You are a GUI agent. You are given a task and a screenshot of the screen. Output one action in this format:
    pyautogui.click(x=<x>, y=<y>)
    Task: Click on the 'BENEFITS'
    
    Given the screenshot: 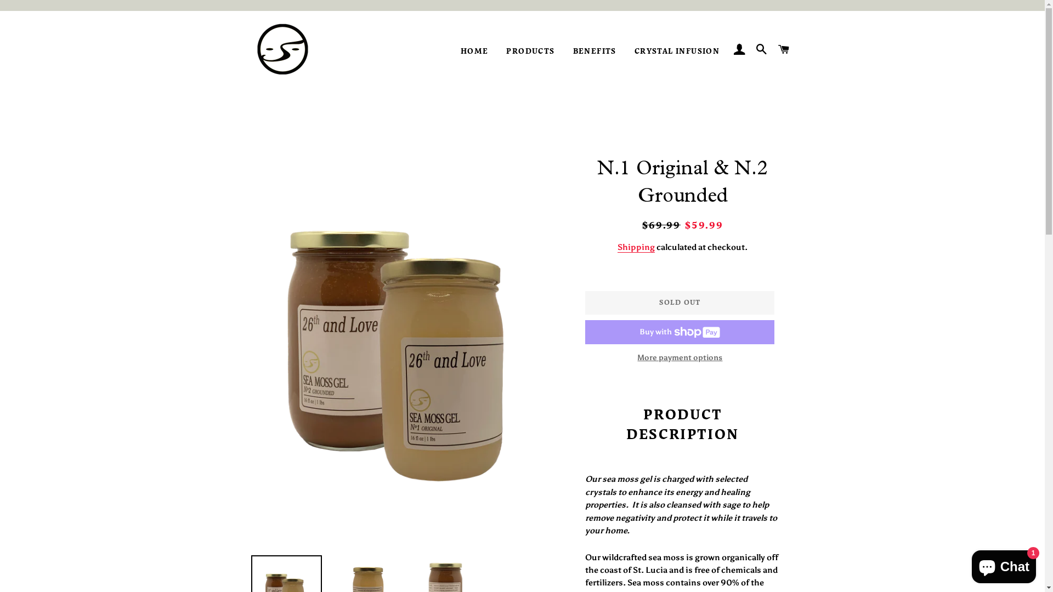 What is the action you would take?
    pyautogui.click(x=594, y=51)
    